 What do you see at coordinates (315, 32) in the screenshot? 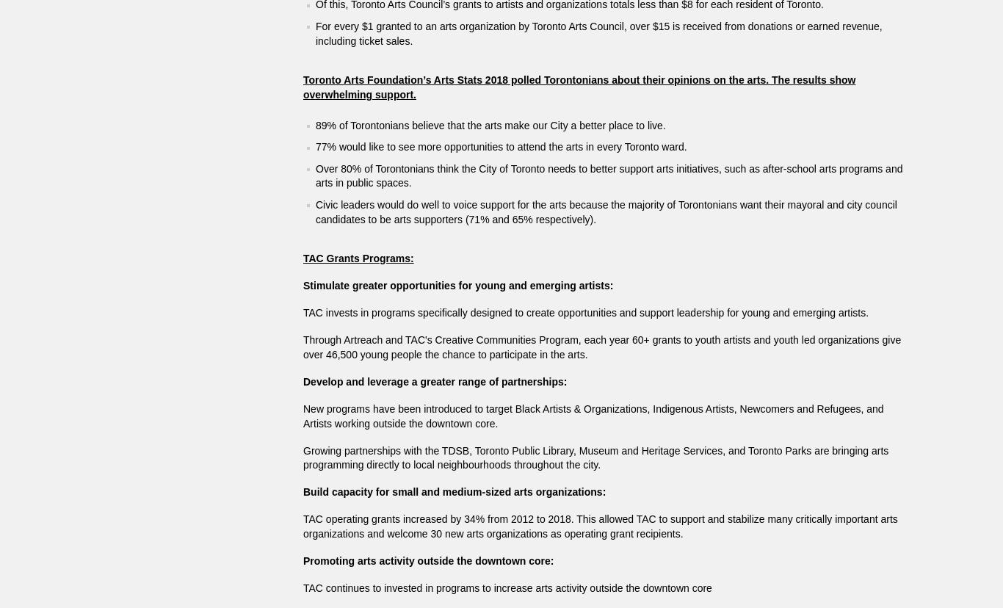
I see `'For every $1 granted to an arts organization by Toronto Arts Council, over $15 is received from donations or earned revenue, including ticket sales.'` at bounding box center [315, 32].